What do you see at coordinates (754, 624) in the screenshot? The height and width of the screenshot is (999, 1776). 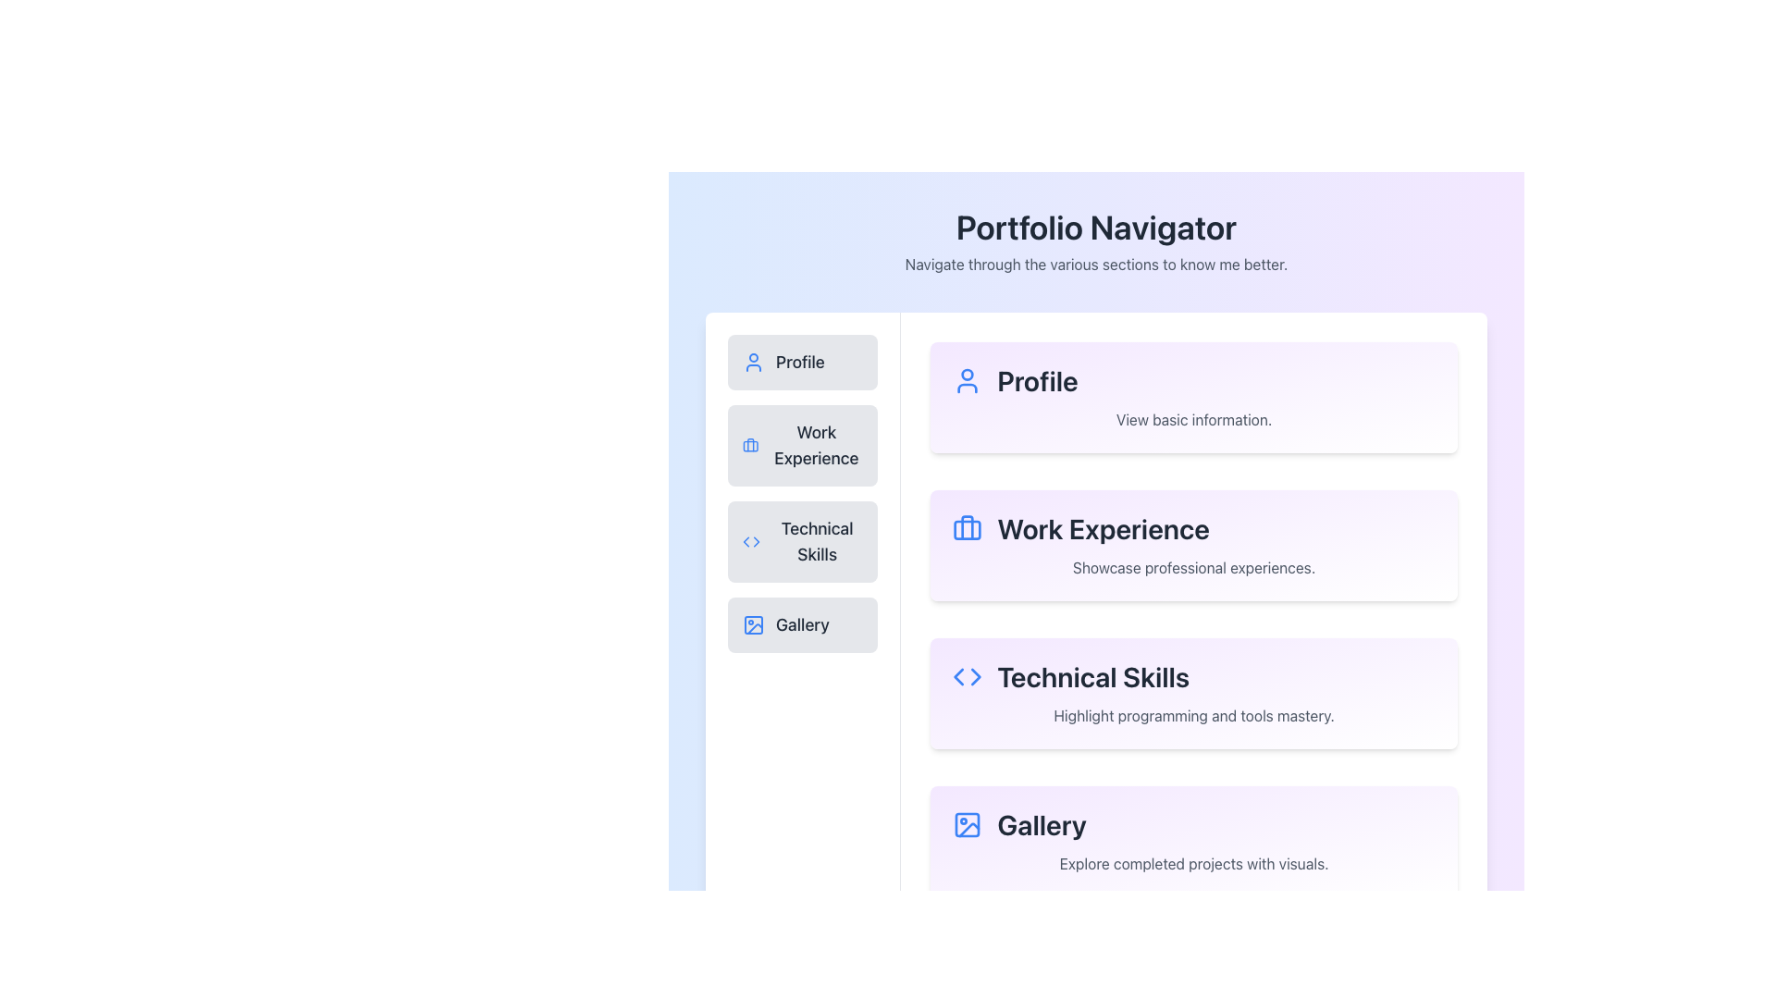 I see `the 'Gallery' icon in the sidebar navigation menu` at bounding box center [754, 624].